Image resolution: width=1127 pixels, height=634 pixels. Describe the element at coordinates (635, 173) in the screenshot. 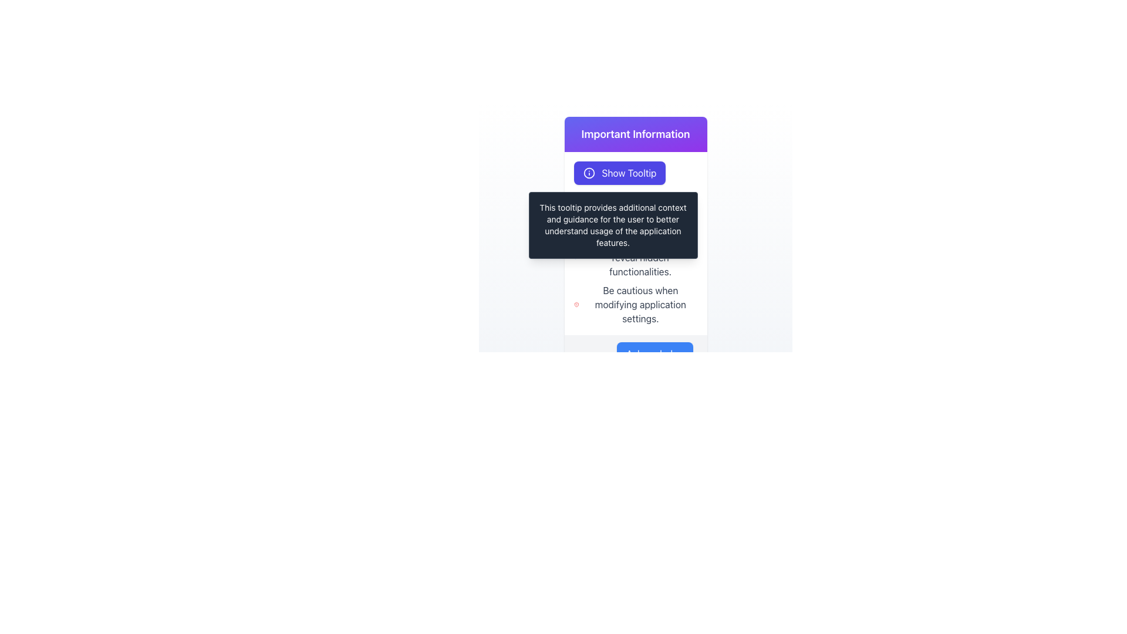

I see `the button with a purple background and white rounded rectangle border, labeled 'Show Tooltip', for accessibility navigation` at that location.